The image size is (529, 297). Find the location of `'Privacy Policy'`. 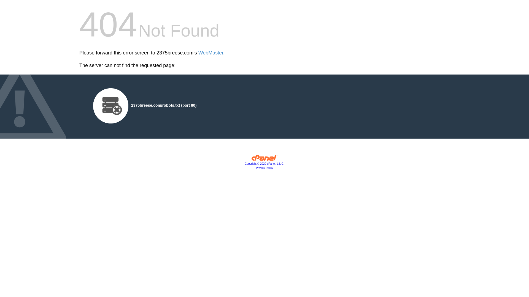

'Privacy Policy' is located at coordinates (264, 167).